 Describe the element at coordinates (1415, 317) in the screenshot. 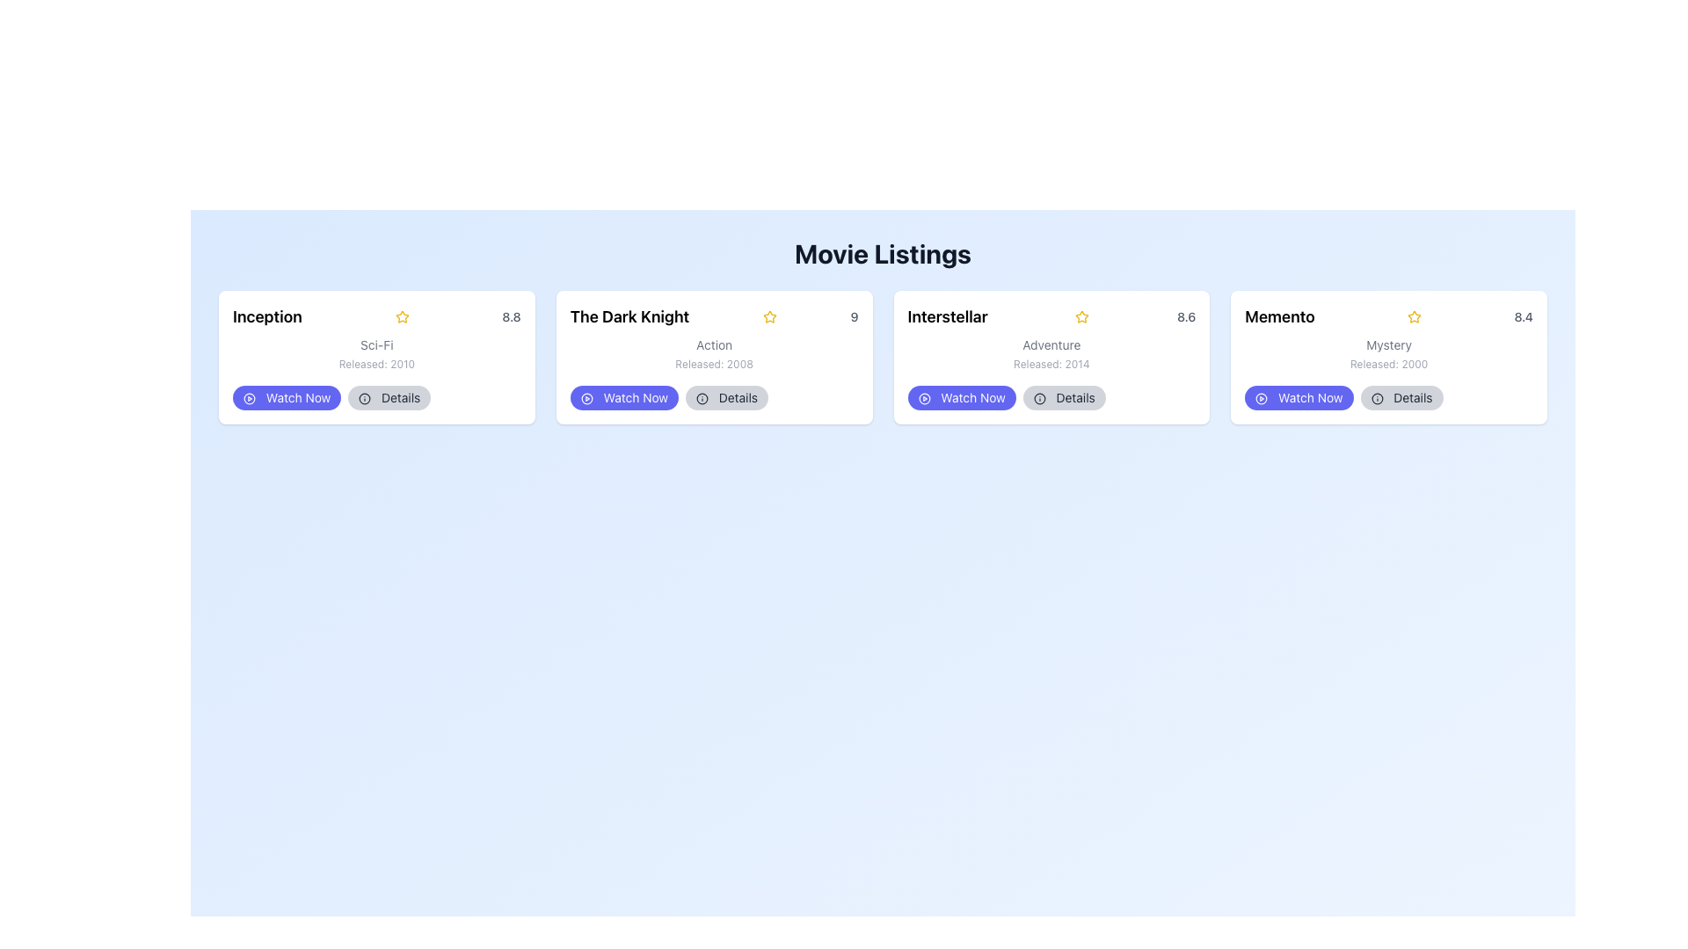

I see `the star icon representing the rating or favorite status of the movie 'Memento', located in the fourth card of the movie listings grid` at that location.